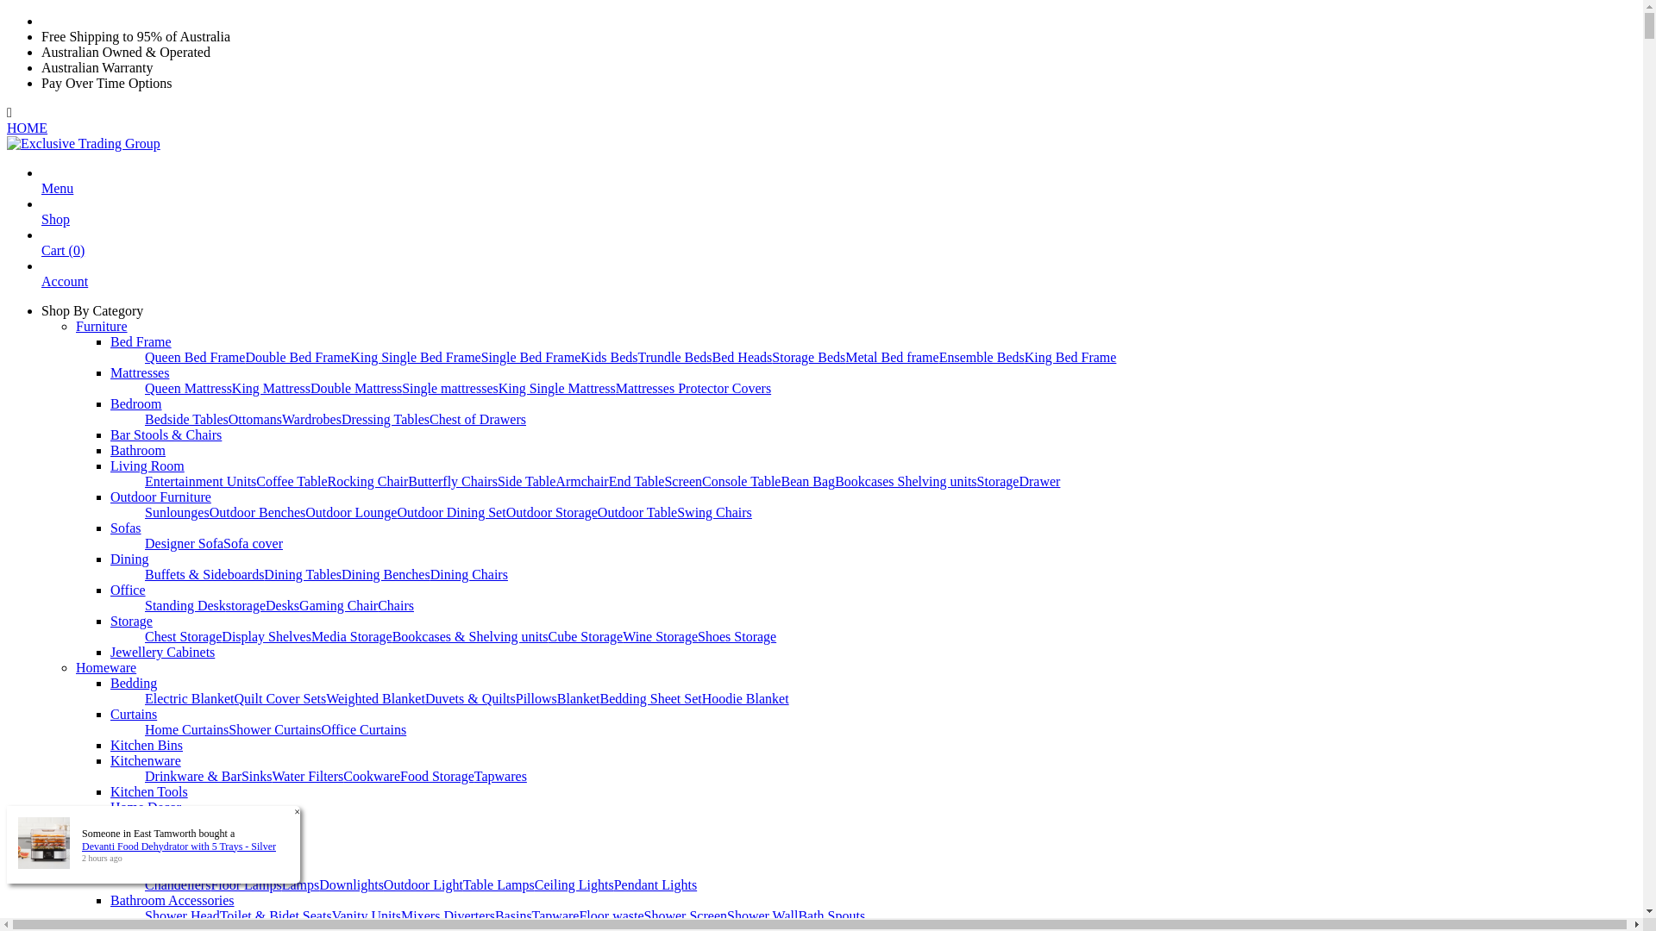  I want to click on 'Toilet & Bidet Seats', so click(276, 915).